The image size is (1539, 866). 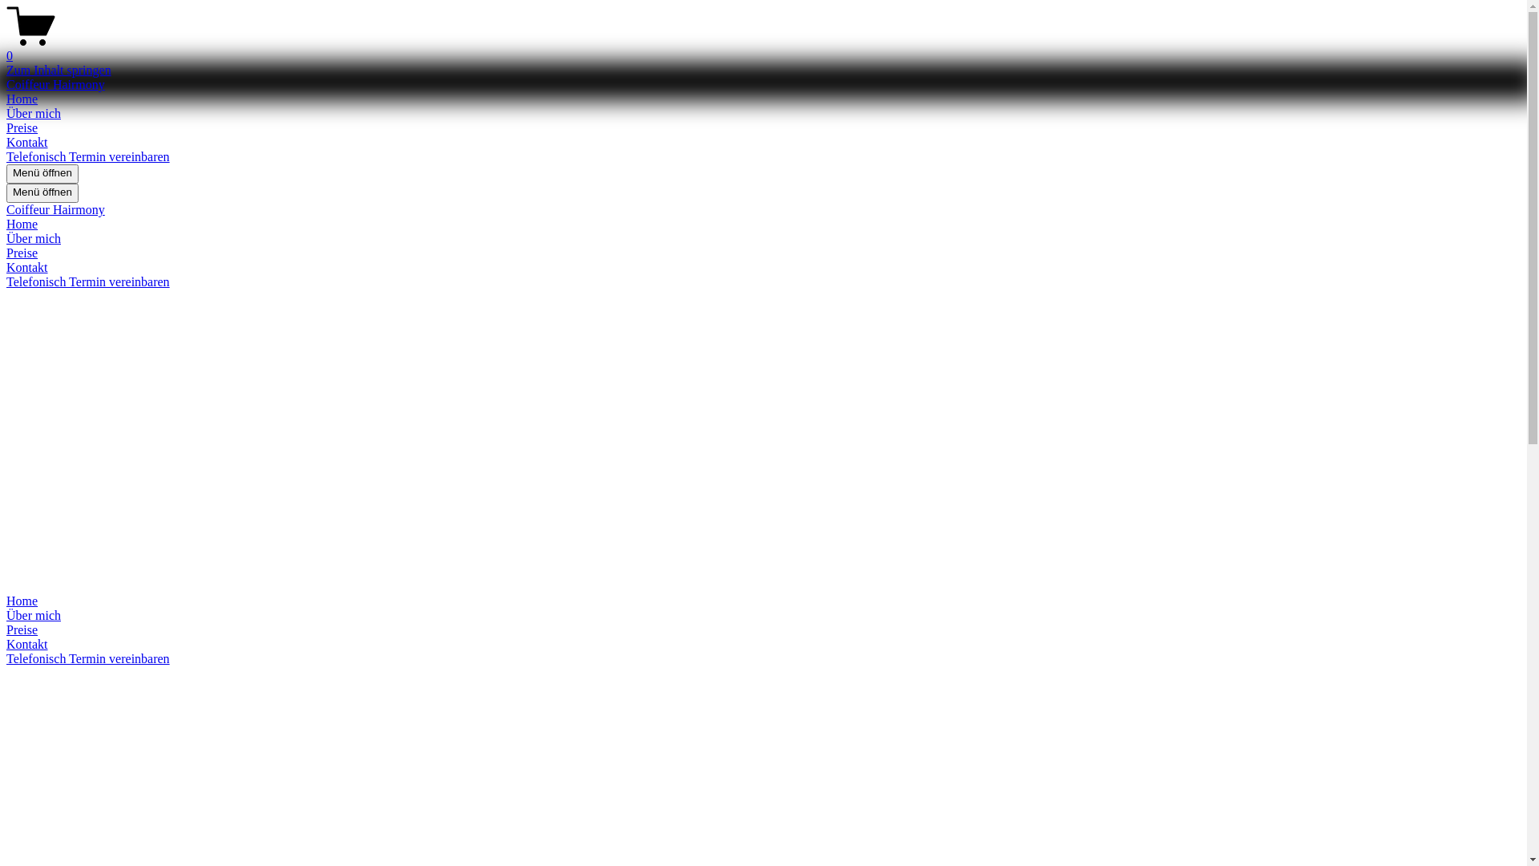 I want to click on 'Coiffeur Hairmony', so click(x=55, y=84).